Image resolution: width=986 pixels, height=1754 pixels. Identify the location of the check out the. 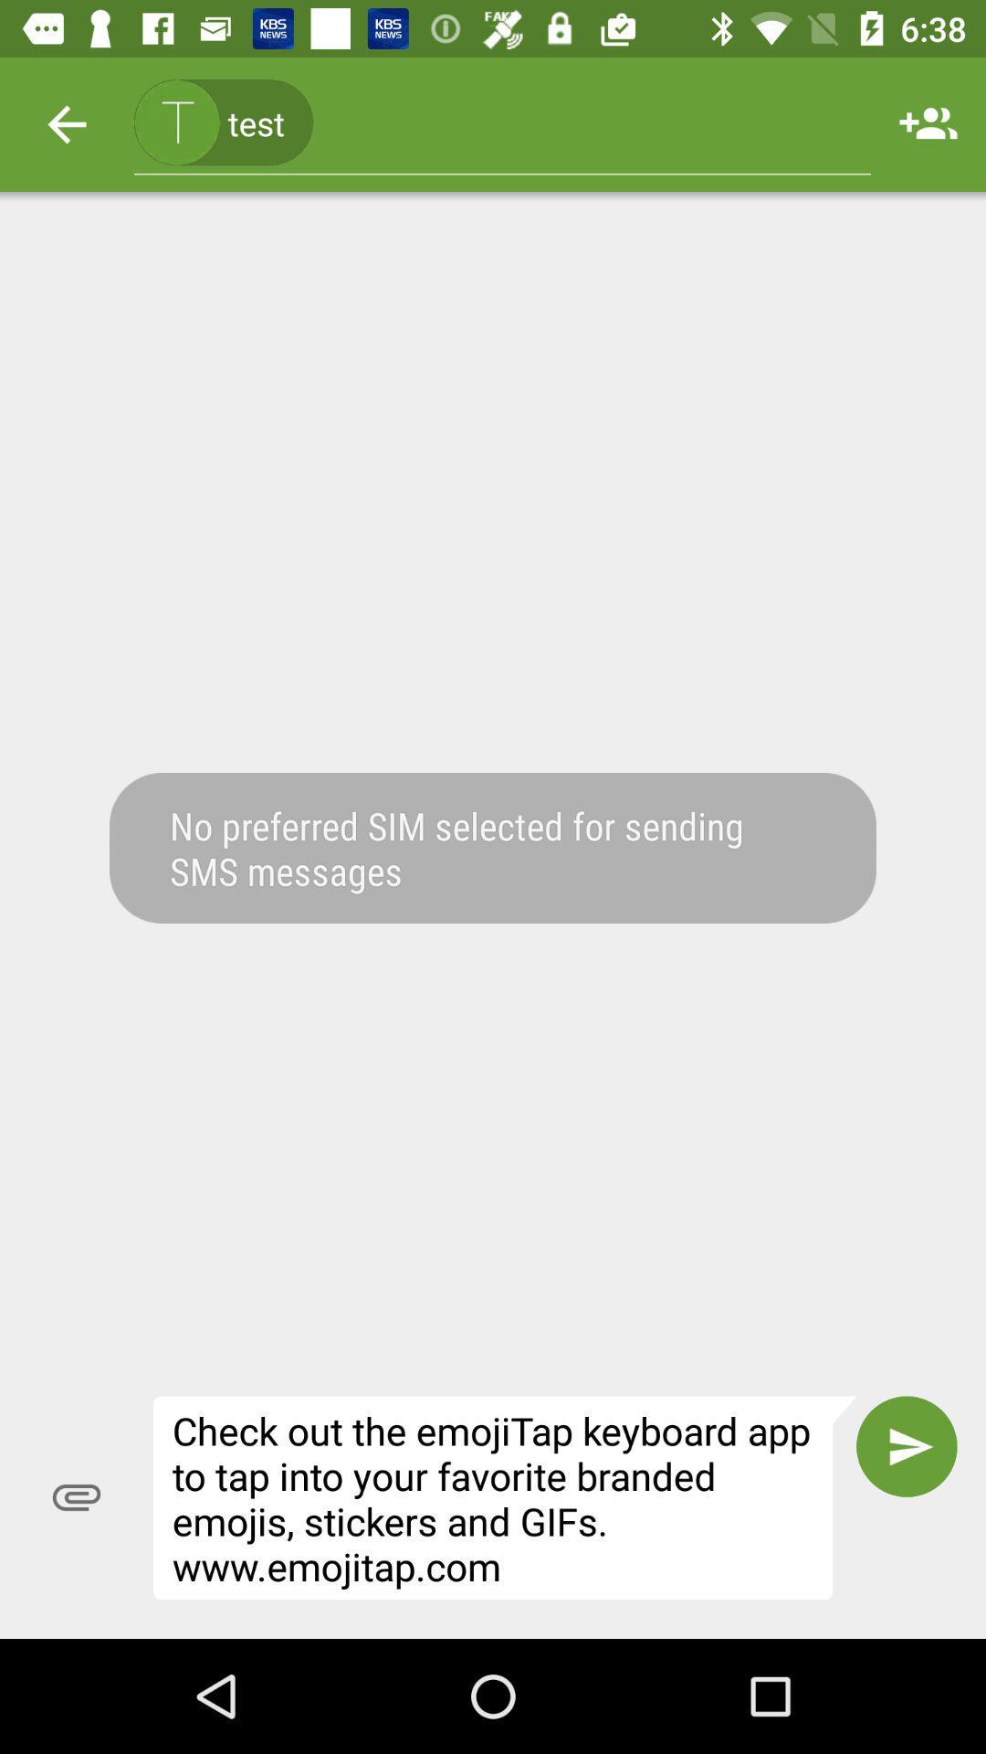
(505, 1497).